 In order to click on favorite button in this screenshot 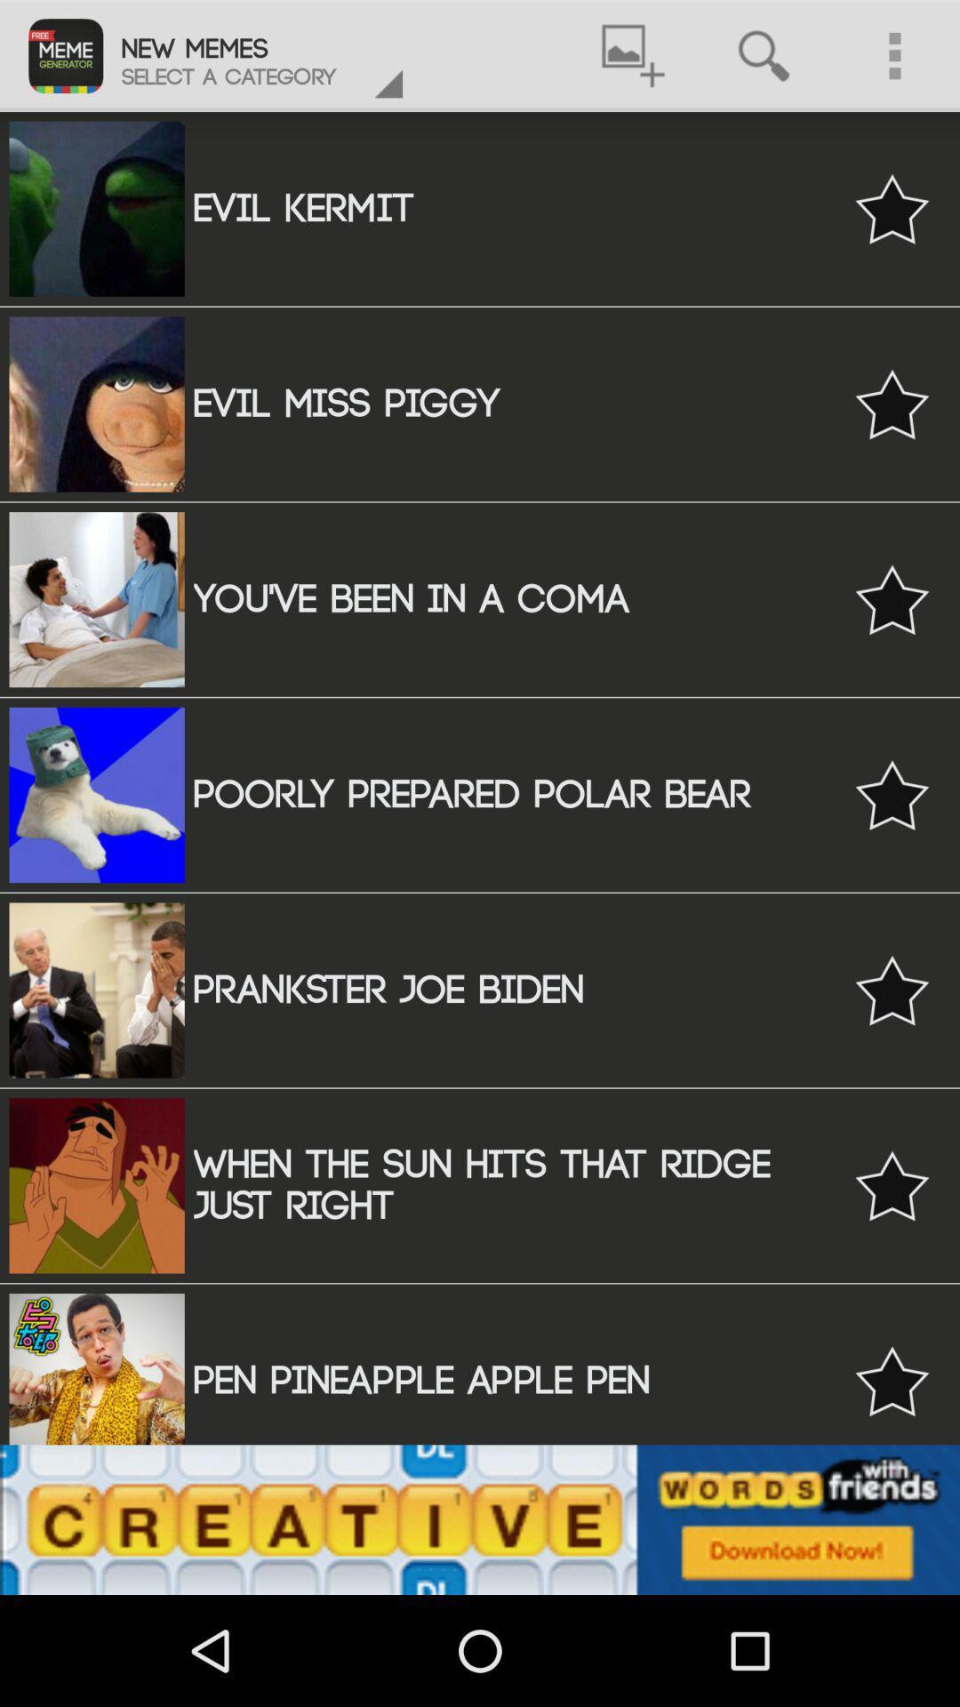, I will do `click(892, 403)`.